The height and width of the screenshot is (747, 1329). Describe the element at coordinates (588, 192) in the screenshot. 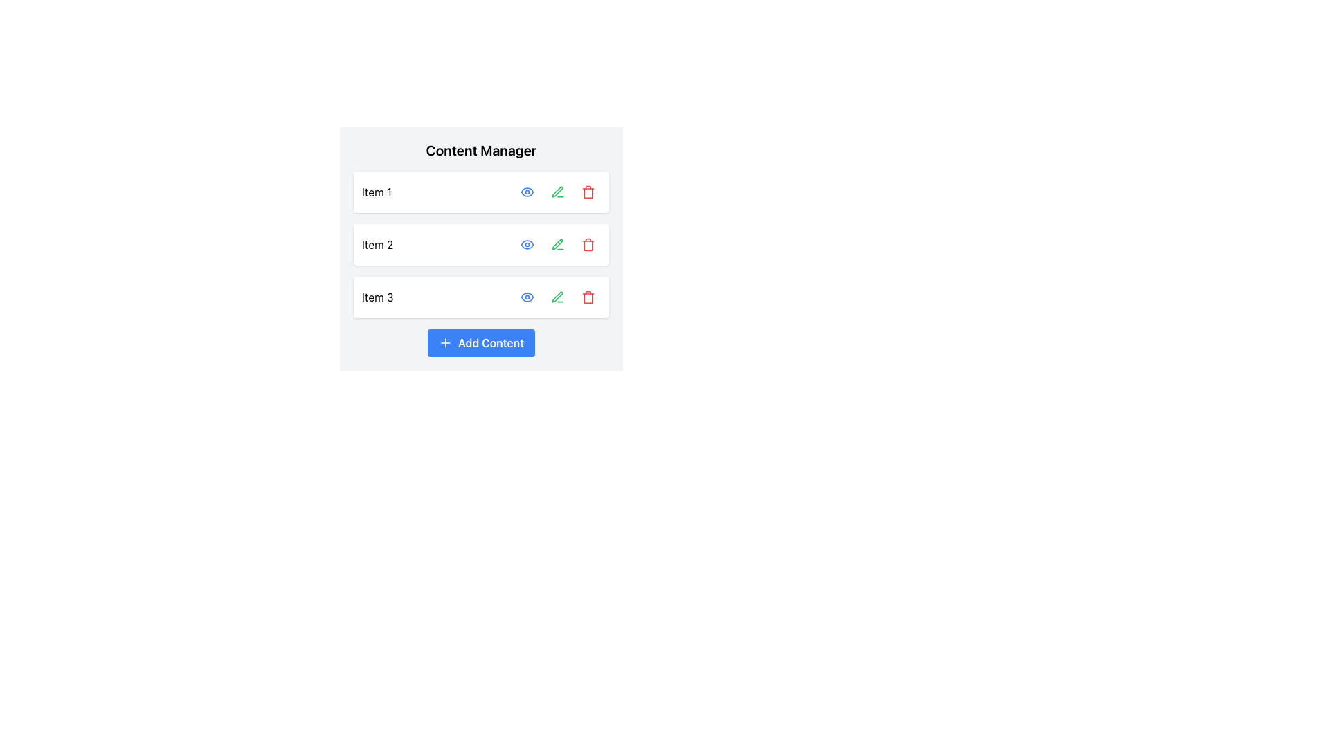

I see `the delete button for 'Item 1' located at the right end of the row of icons in the Content Manager to observe visual feedback` at that location.